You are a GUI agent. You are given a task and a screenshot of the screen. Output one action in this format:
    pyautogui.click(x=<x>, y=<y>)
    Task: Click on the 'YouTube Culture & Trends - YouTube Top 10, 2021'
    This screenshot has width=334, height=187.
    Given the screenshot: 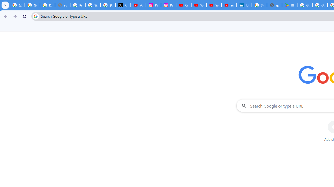 What is the action you would take?
    pyautogui.click(x=214, y=5)
    